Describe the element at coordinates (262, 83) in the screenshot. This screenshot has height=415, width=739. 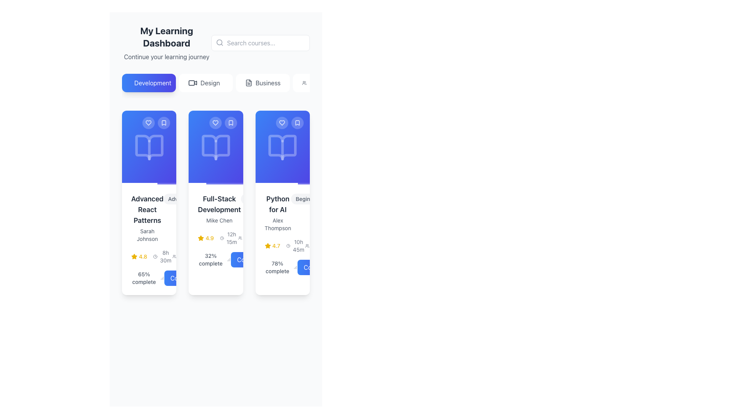
I see `the 'Business' button, which is a rectangular button with rounded corners, white background, and gray text, located below the heading 'My Learning Dashboard' and positioned between 'Design' and 'Marketing'` at that location.